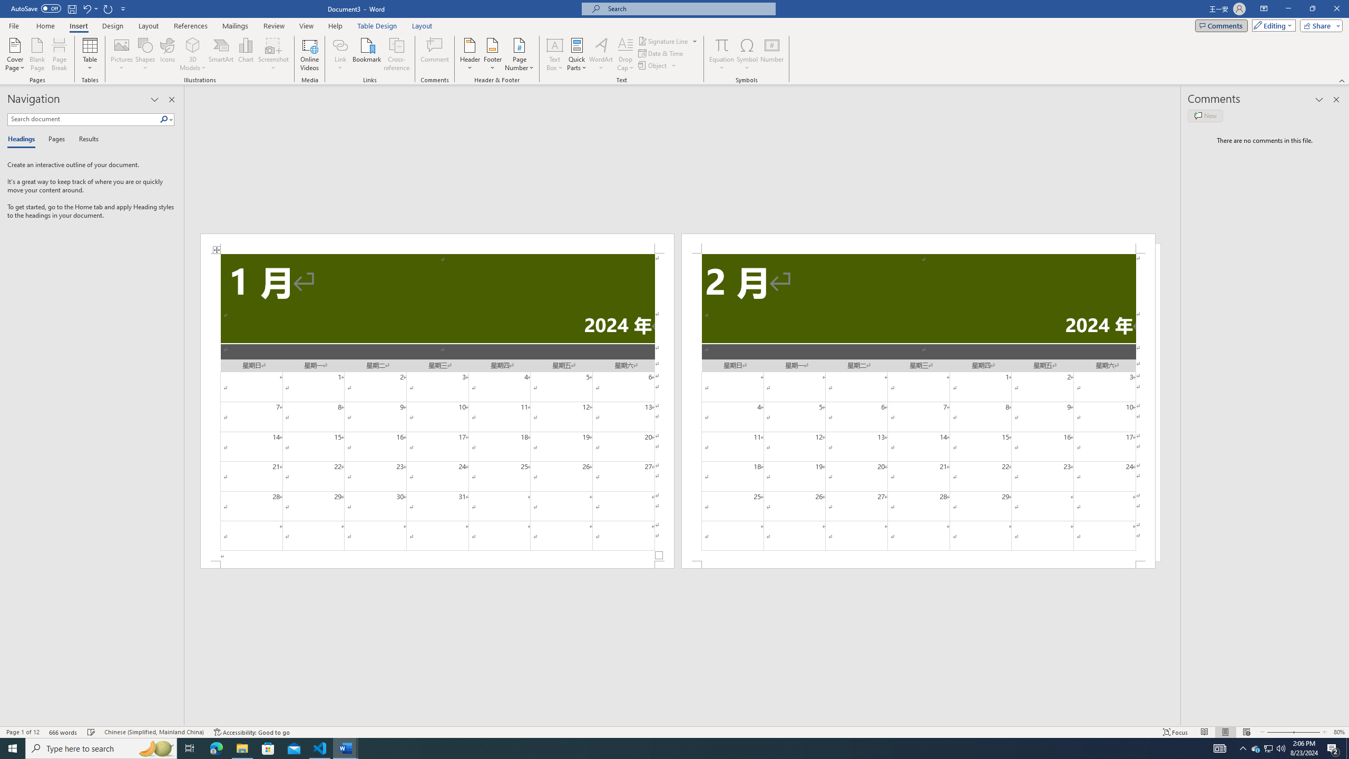 This screenshot has width=1349, height=759. Describe the element at coordinates (436, 407) in the screenshot. I see `'Page 1 content'` at that location.